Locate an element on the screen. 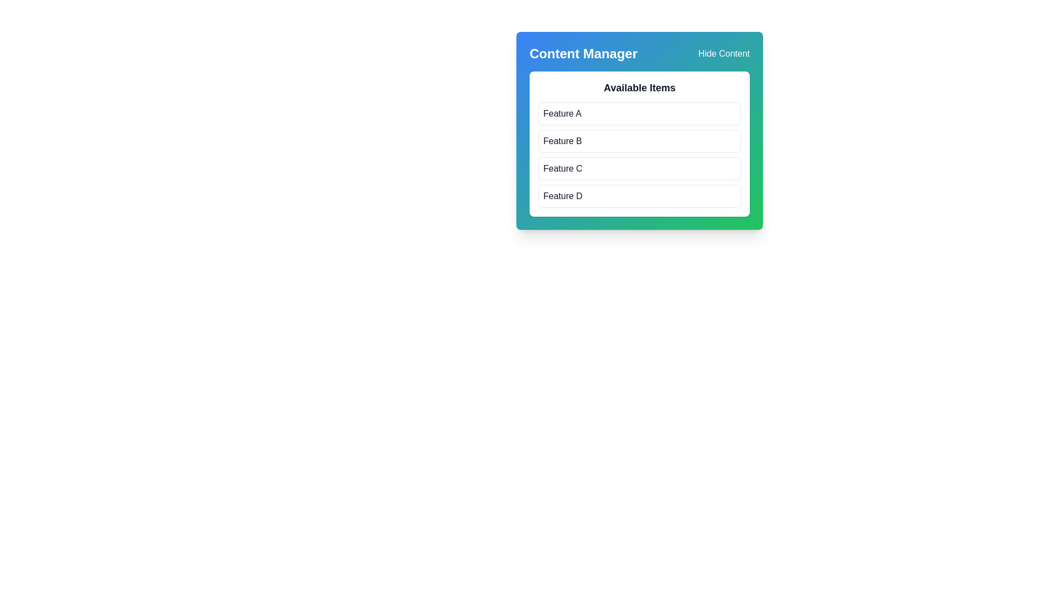 The image size is (1057, 594). the interactive hyperlink labeled 'Hide Content' located in the top-right corner of the 'Content Manager' section is located at coordinates (724, 53).